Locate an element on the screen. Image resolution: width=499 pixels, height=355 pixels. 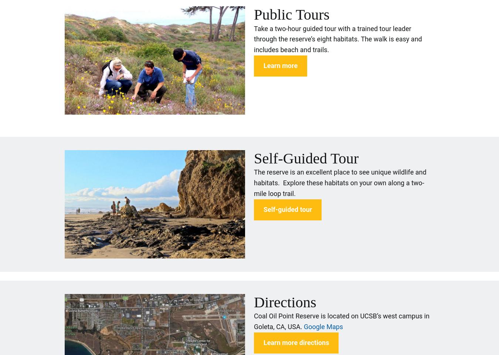
'Take a two-hour guided tour with a trained tour leader through the reserve’s eight habitats. The walk is easy and includes beach and trails.' is located at coordinates (337, 39).